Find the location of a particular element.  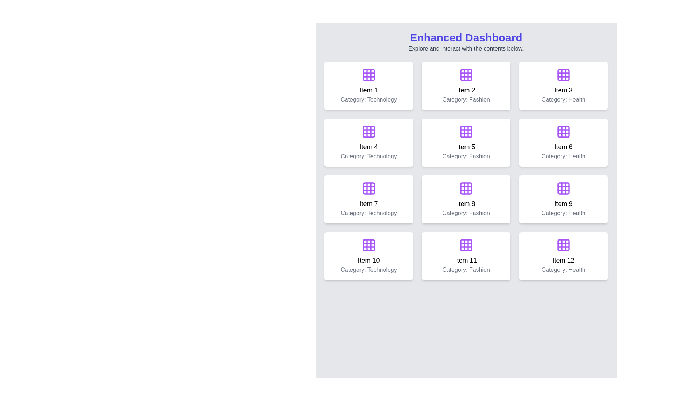

the static text label 'Item 12' located at the bottom right of a grid layout, which is part of an item card and situated under the text 'Category: Health' is located at coordinates (563, 260).